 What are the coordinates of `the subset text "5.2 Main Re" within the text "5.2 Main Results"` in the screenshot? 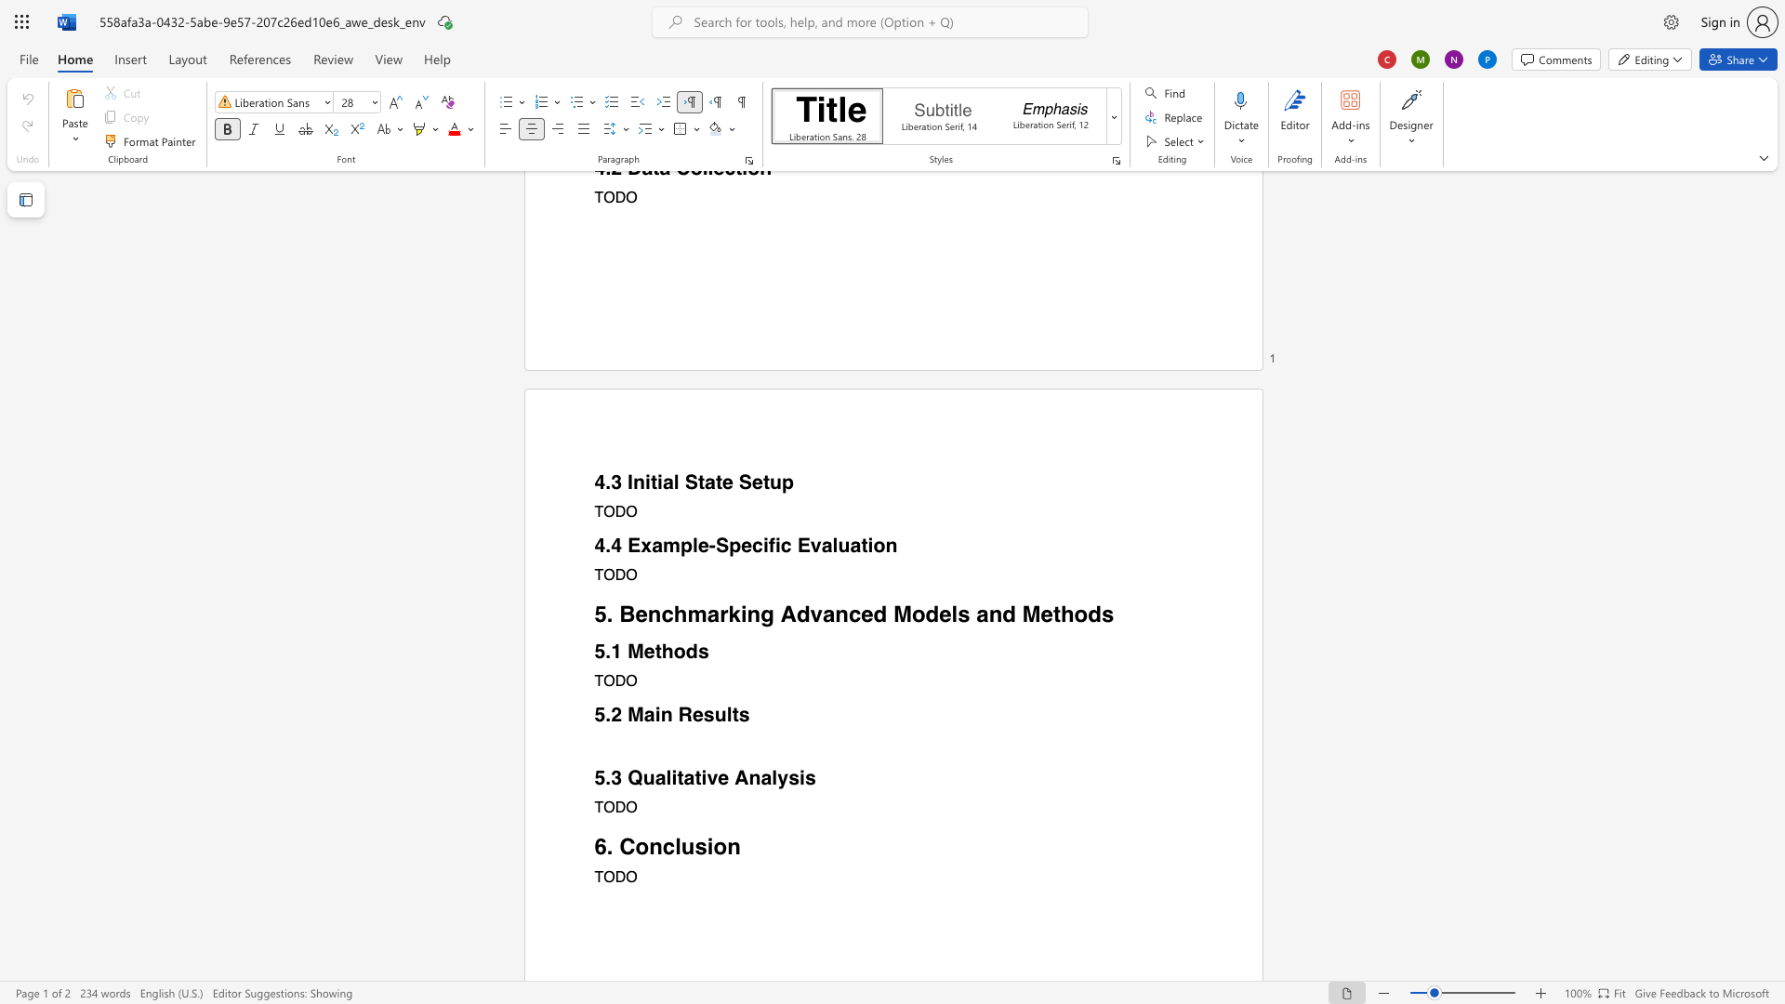 It's located at (593, 714).